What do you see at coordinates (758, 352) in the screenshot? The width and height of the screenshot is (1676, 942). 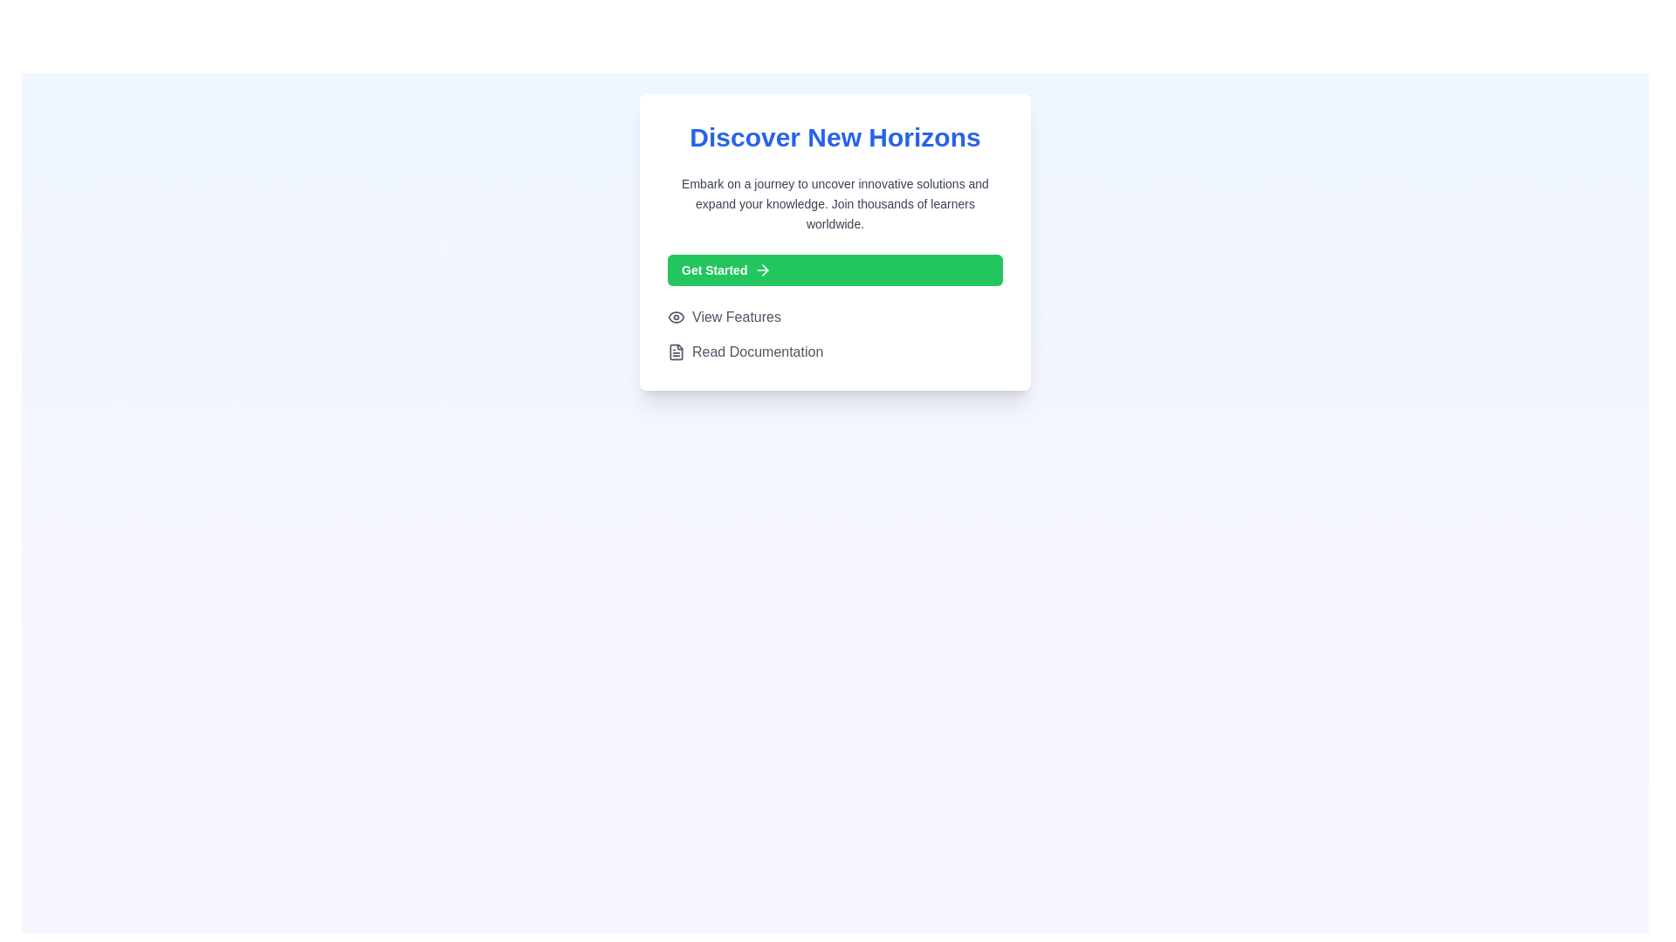 I see `the navigational text link located below 'View Features'` at bounding box center [758, 352].